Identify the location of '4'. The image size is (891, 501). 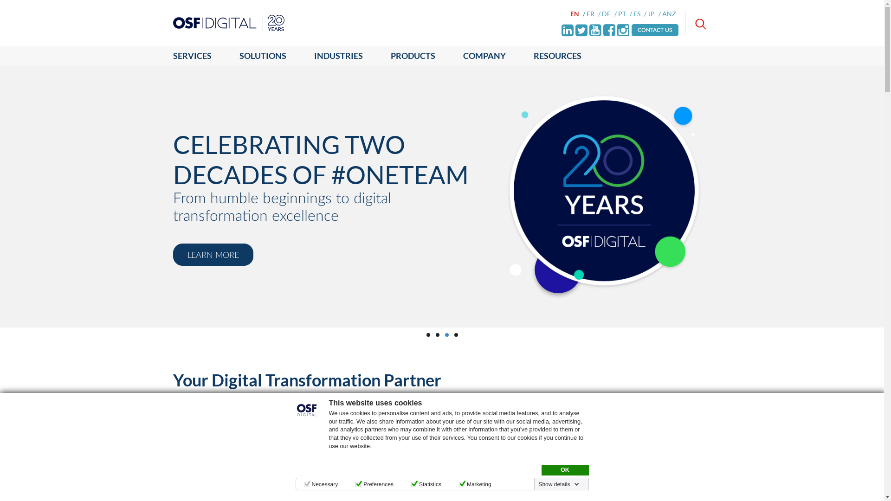
(456, 334).